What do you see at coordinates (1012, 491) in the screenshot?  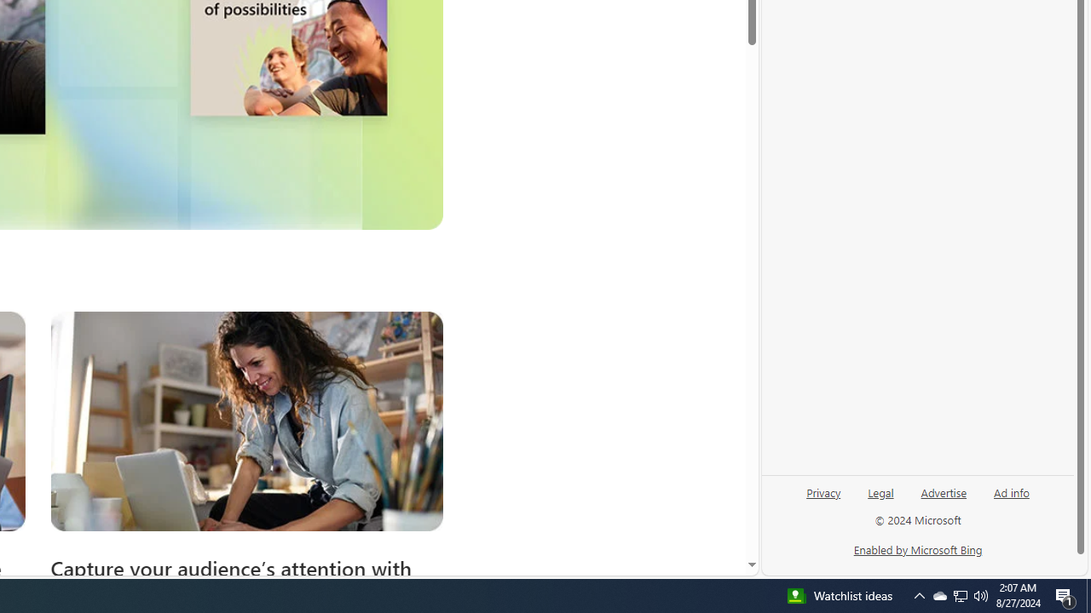 I see `'Ad info'` at bounding box center [1012, 491].